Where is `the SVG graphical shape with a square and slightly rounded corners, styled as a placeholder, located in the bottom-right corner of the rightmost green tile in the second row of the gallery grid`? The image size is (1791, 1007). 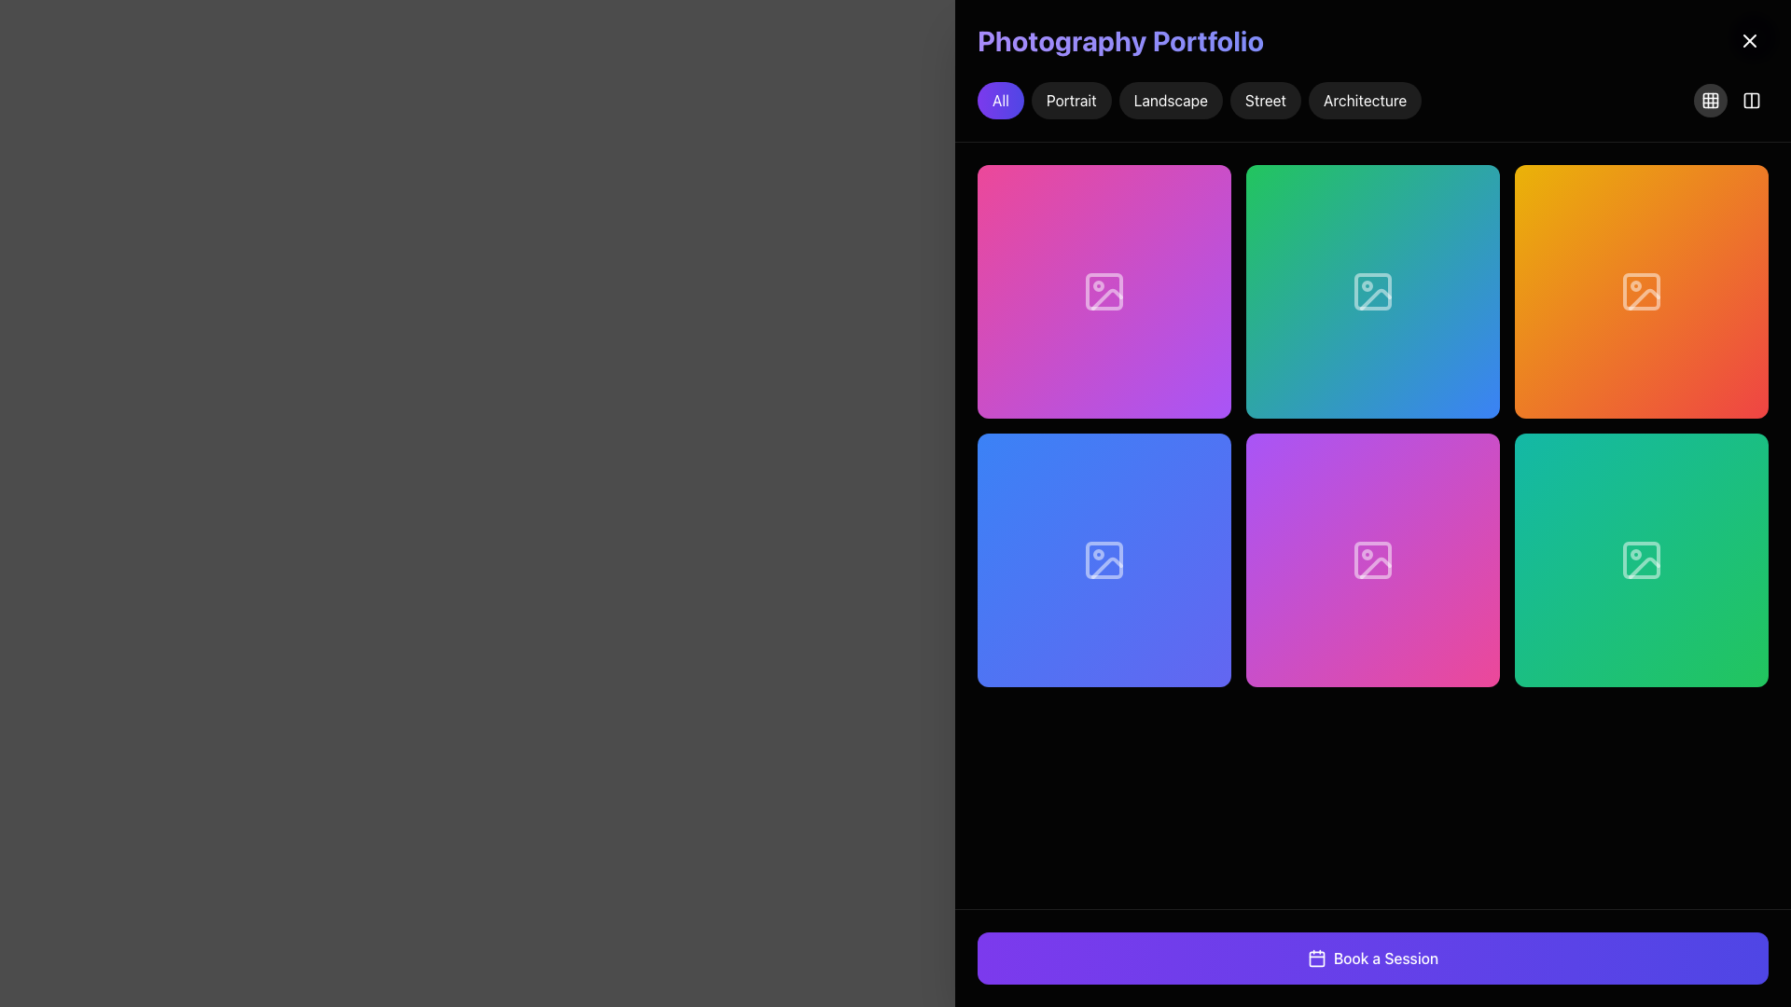
the SVG graphical shape with a square and slightly rounded corners, styled as a placeholder, located in the bottom-right corner of the rightmost green tile in the second row of the gallery grid is located at coordinates (1642, 559).